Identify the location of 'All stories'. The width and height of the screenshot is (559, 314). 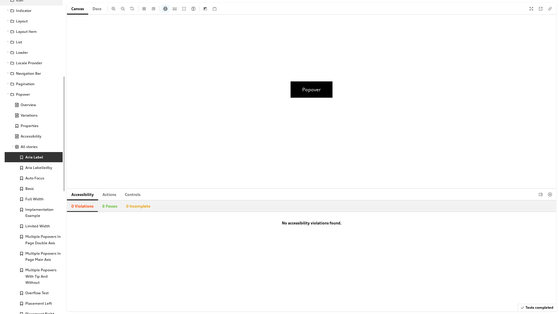
(31, 147).